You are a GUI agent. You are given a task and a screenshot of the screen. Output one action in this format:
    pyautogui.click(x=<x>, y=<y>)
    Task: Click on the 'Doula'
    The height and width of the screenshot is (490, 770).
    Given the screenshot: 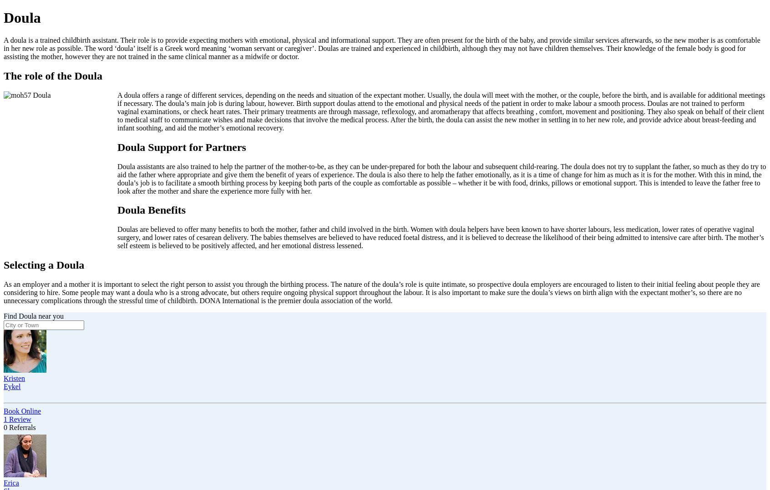 What is the action you would take?
    pyautogui.click(x=3, y=17)
    